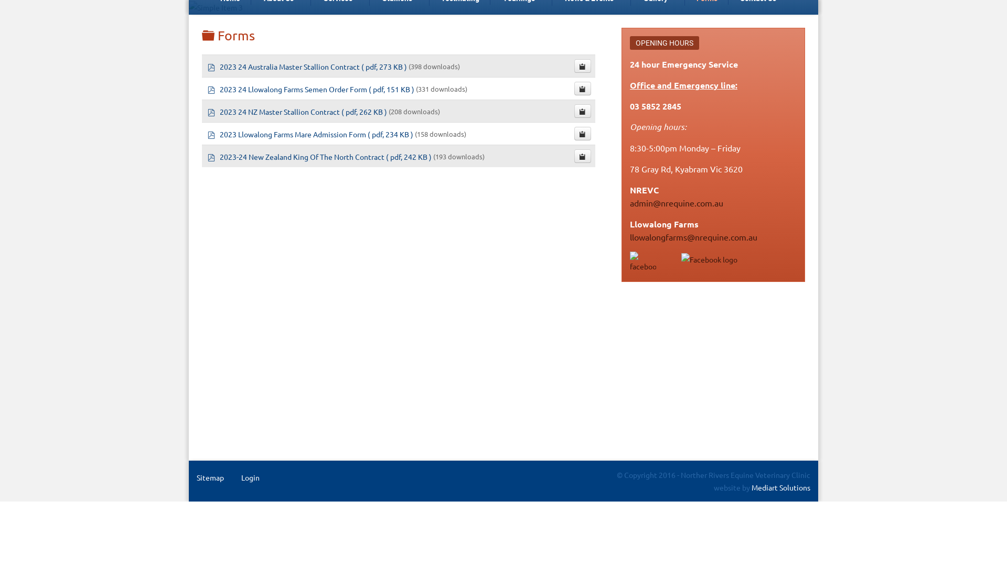 Image resolution: width=1007 pixels, height=566 pixels. I want to click on 'Sitemap', so click(210, 477).